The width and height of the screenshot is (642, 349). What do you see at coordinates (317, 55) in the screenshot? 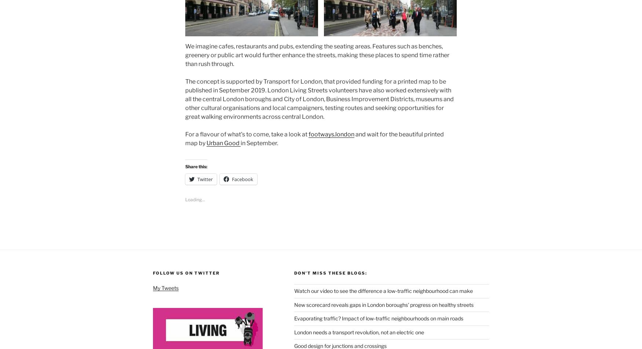
I see `'We imagine cafes, restaurants and pubs, extending the seating areas. Features such as benches, greenery or public art would further enhance the streets, making these places to spend time rather than rush through.'` at bounding box center [317, 55].